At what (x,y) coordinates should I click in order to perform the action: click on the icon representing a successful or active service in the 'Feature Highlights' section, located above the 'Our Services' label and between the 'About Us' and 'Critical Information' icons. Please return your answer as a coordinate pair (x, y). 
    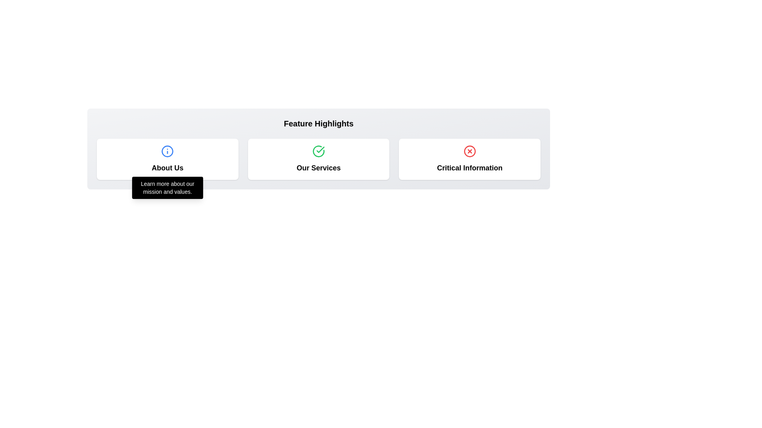
    Looking at the image, I should click on (318, 151).